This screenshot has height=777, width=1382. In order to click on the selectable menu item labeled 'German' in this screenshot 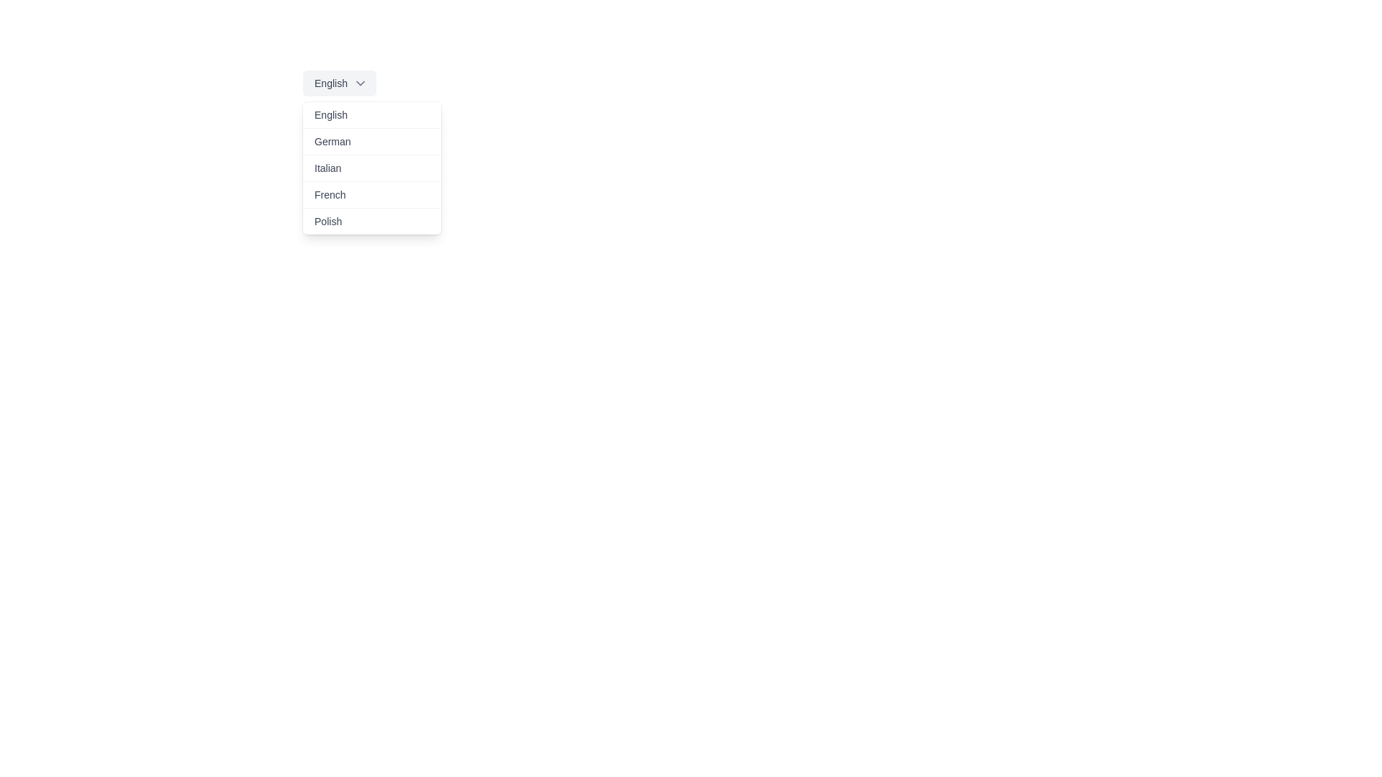, I will do `click(372, 141)`.